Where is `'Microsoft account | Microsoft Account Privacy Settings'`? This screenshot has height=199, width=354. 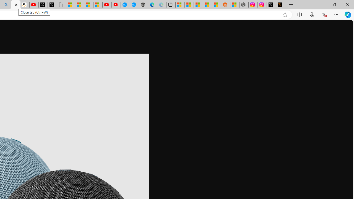
'Microsoft account | Microsoft Account Privacy Settings' is located at coordinates (180, 5).